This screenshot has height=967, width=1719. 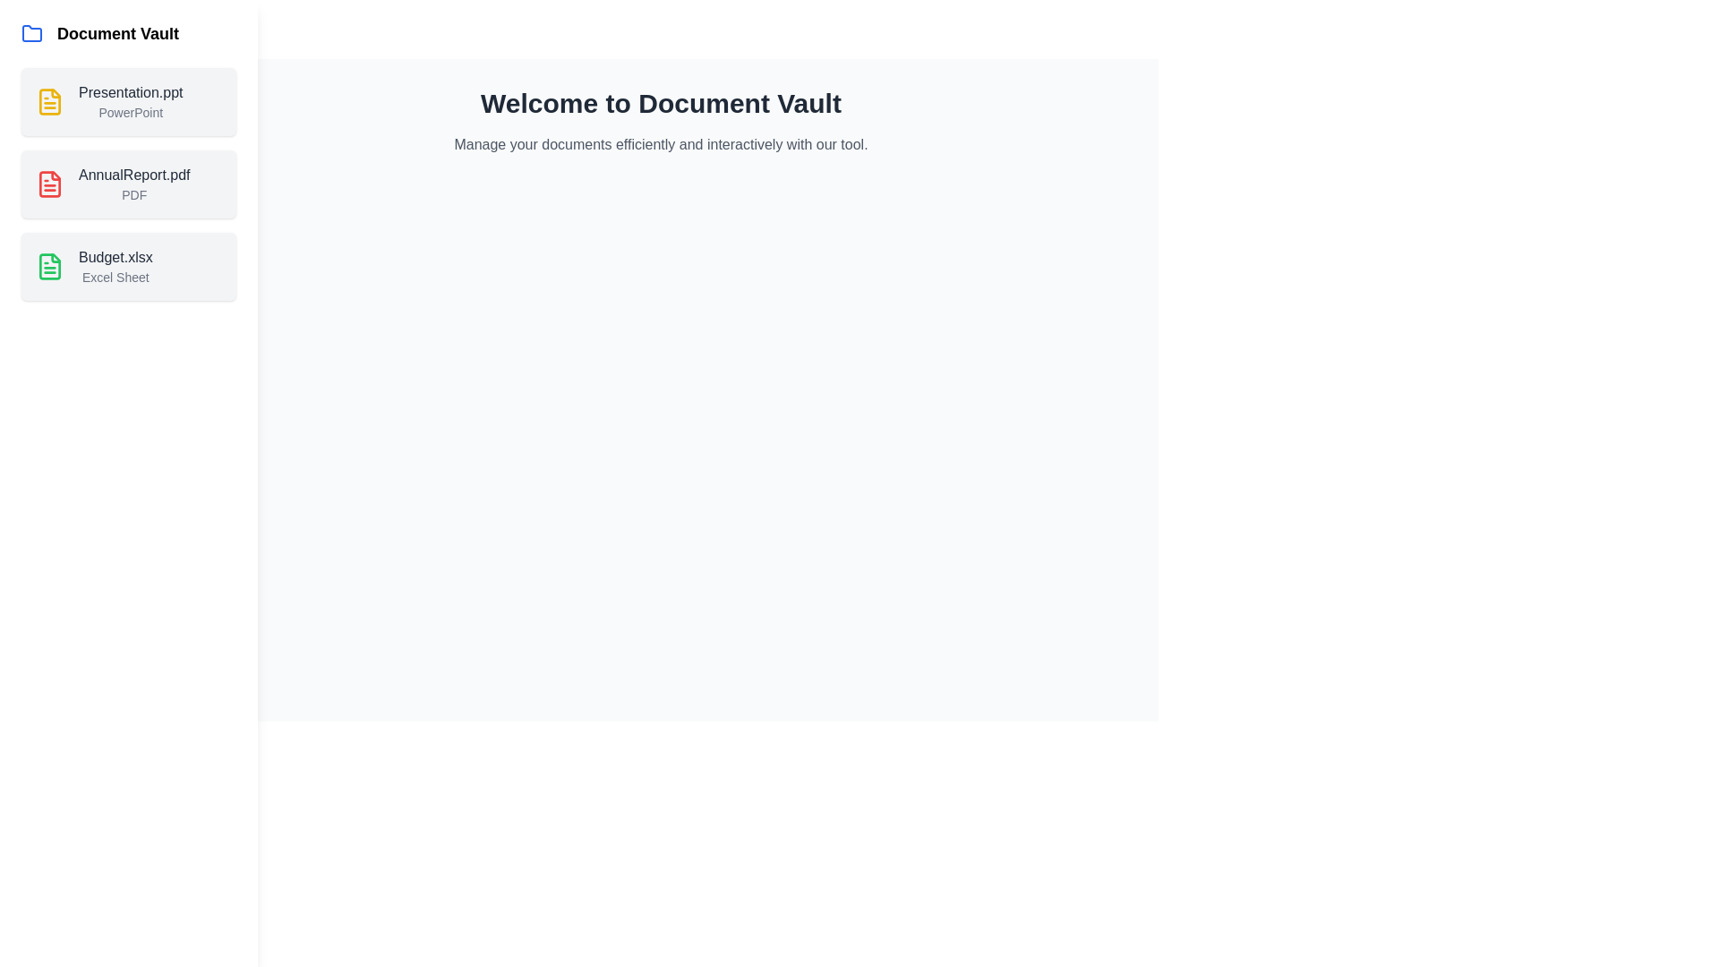 What do you see at coordinates (128, 102) in the screenshot?
I see `the document named Presentation.ppt in the list` at bounding box center [128, 102].